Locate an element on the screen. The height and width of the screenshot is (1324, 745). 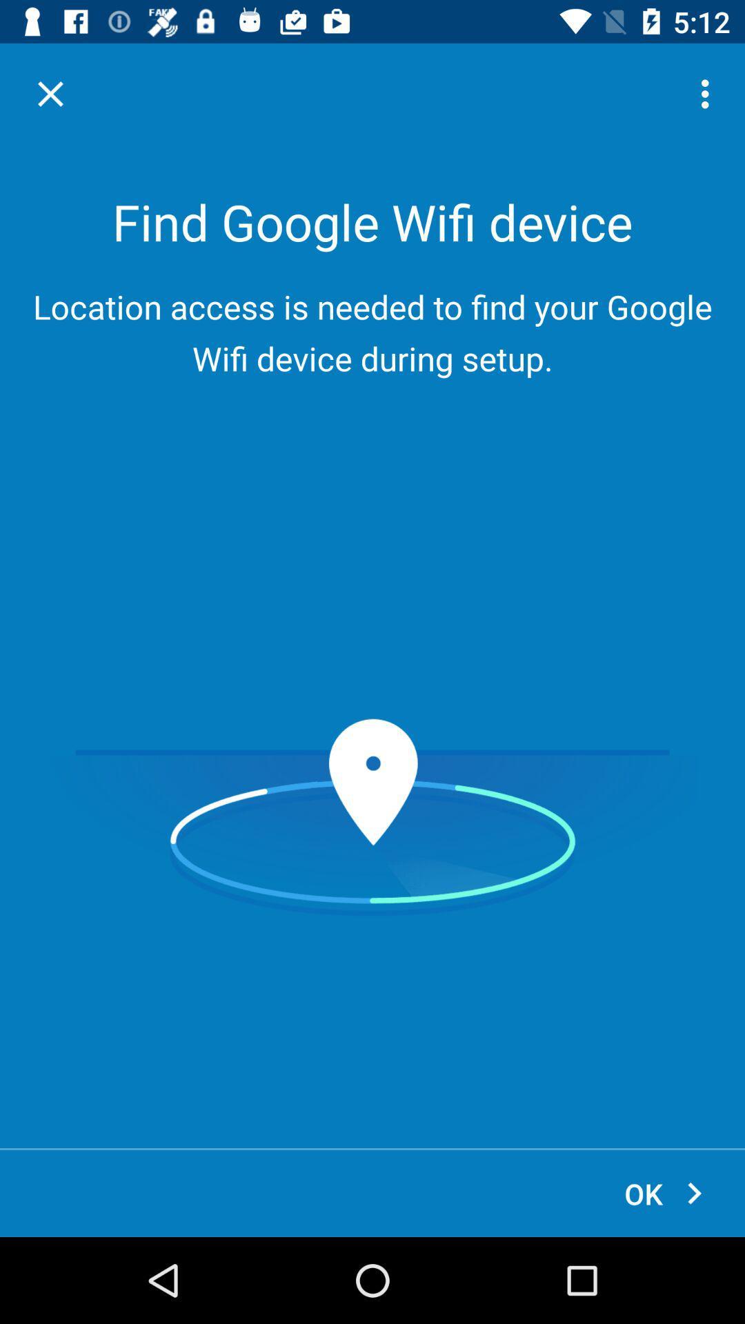
the item at the top left corner is located at coordinates (50, 93).